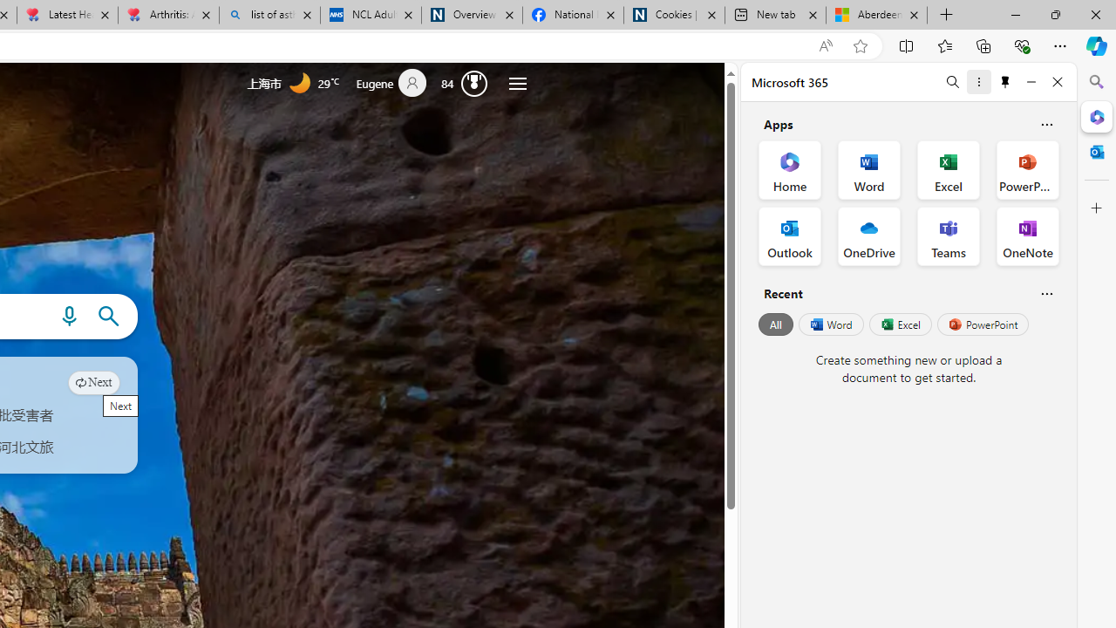 The height and width of the screenshot is (628, 1116). Describe the element at coordinates (168, 15) in the screenshot. I see `'Arthritis: Ask Health Professionals'` at that location.